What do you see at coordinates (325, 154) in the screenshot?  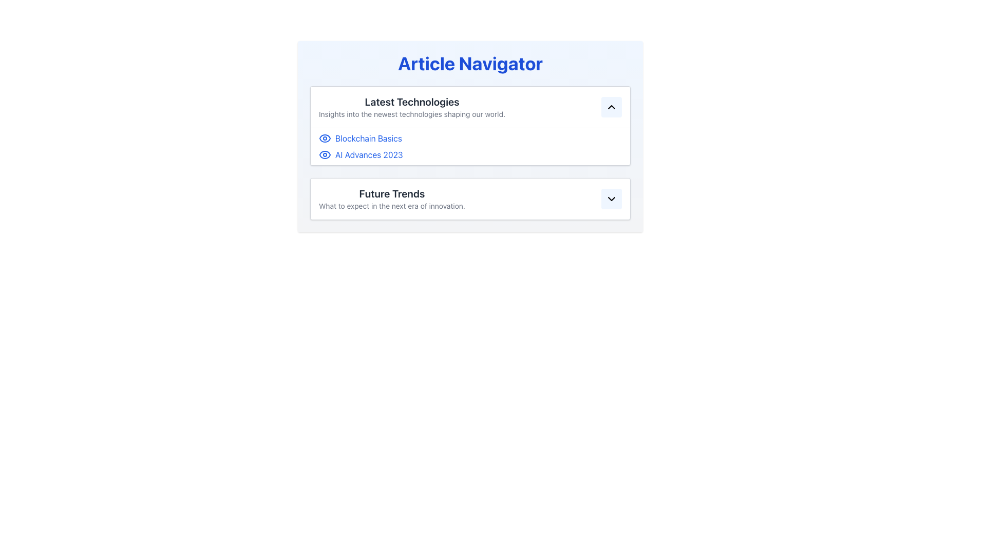 I see `the icon indicating the preview or visibility option related to the 'AI Advances 2023' article link, located to the left of the hyperlink text in the 'Latest Technologies' section of the 'Article Navigator'` at bounding box center [325, 154].